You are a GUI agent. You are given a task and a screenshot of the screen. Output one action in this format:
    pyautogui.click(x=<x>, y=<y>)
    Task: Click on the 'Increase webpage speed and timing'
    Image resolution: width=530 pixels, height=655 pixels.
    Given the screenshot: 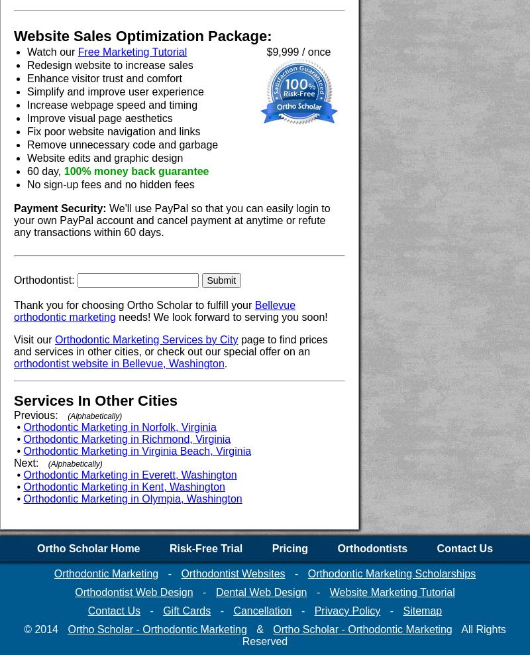 What is the action you would take?
    pyautogui.click(x=111, y=104)
    